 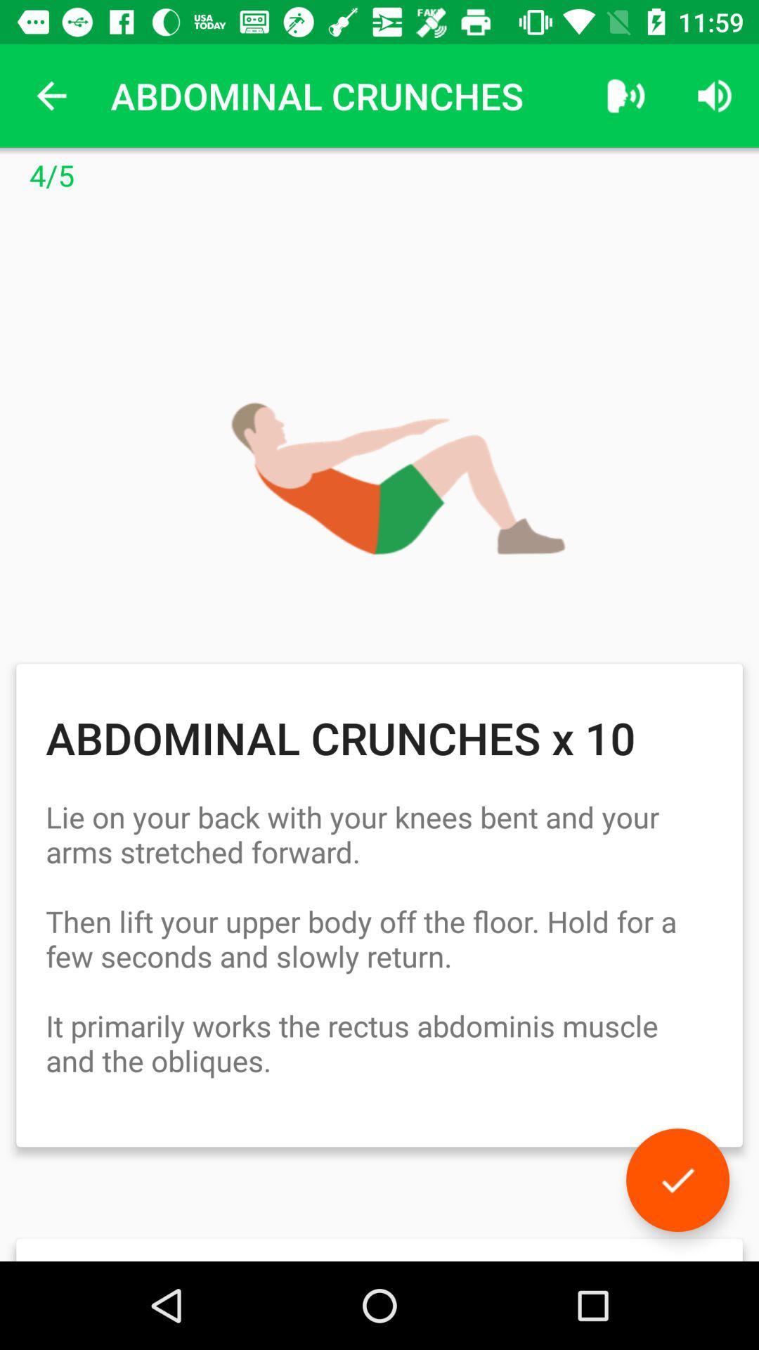 I want to click on icon next to abdominal crunches, so click(x=51, y=95).